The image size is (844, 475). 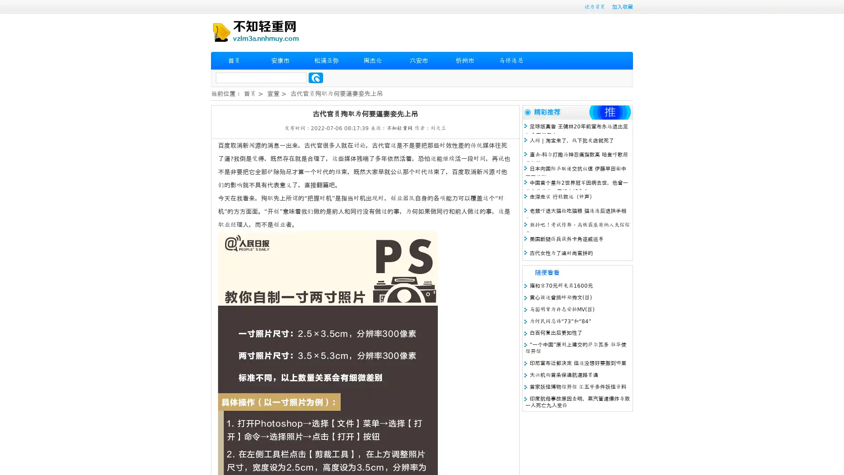 What do you see at coordinates (316, 77) in the screenshot?
I see `Search` at bounding box center [316, 77].